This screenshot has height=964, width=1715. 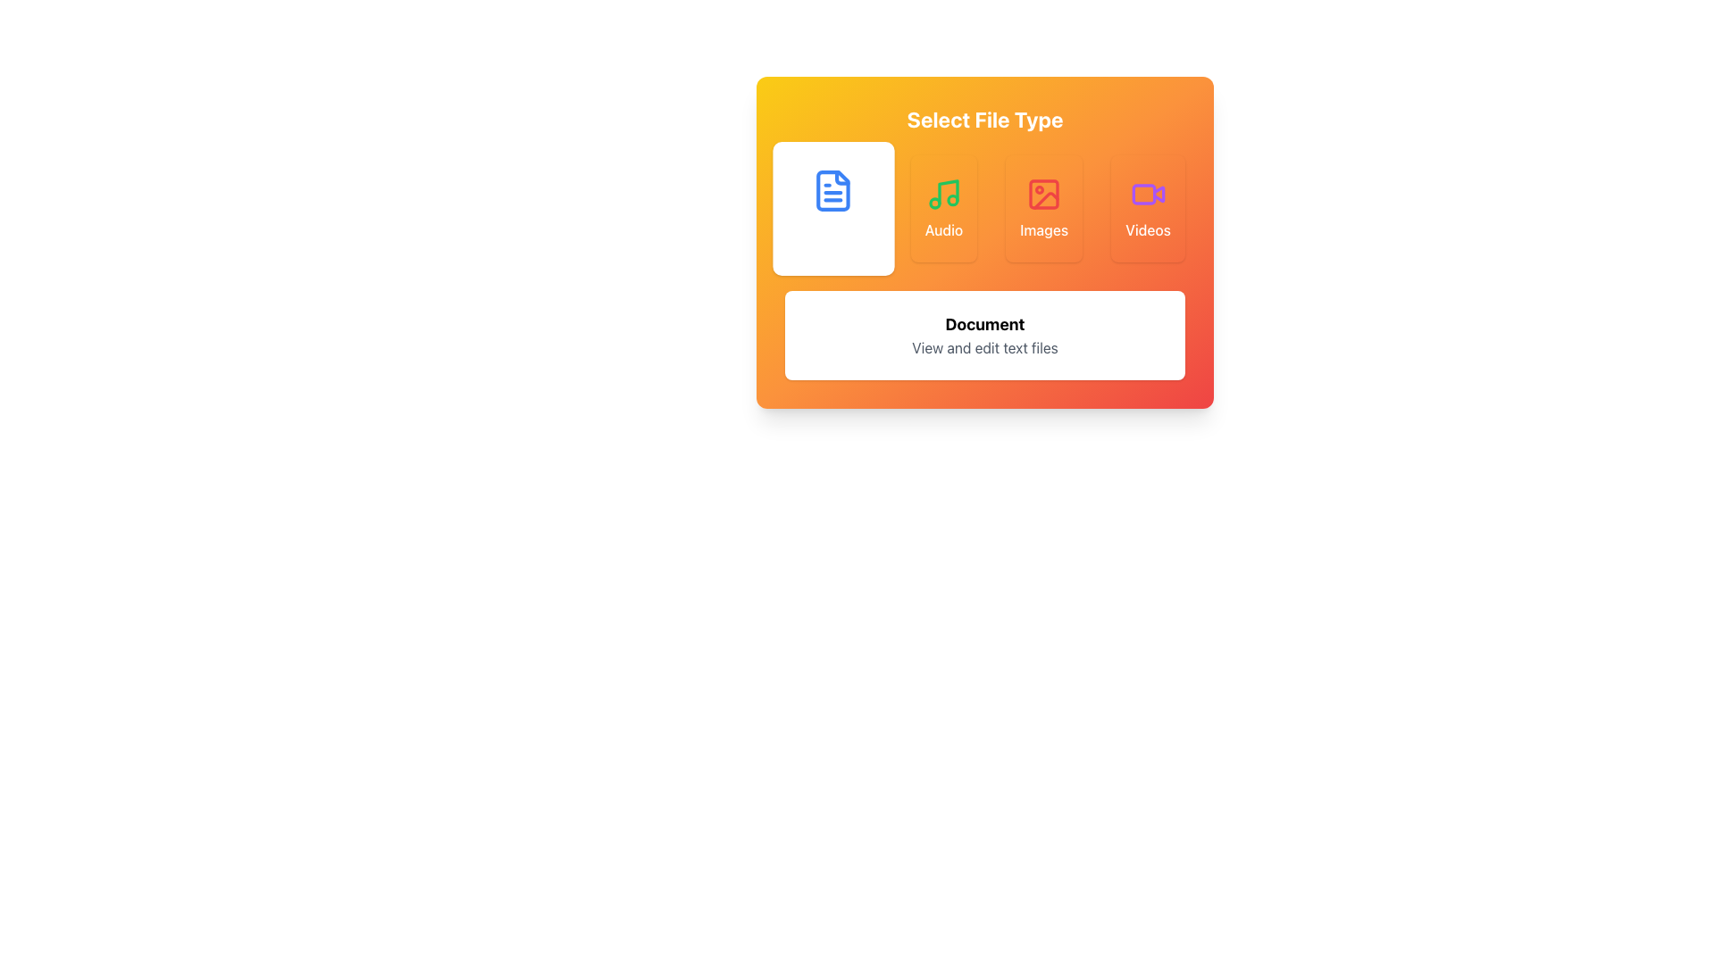 I want to click on the blue outlined file icon representing a text file located at the top-left of the 'Document' card, so click(x=832, y=190).